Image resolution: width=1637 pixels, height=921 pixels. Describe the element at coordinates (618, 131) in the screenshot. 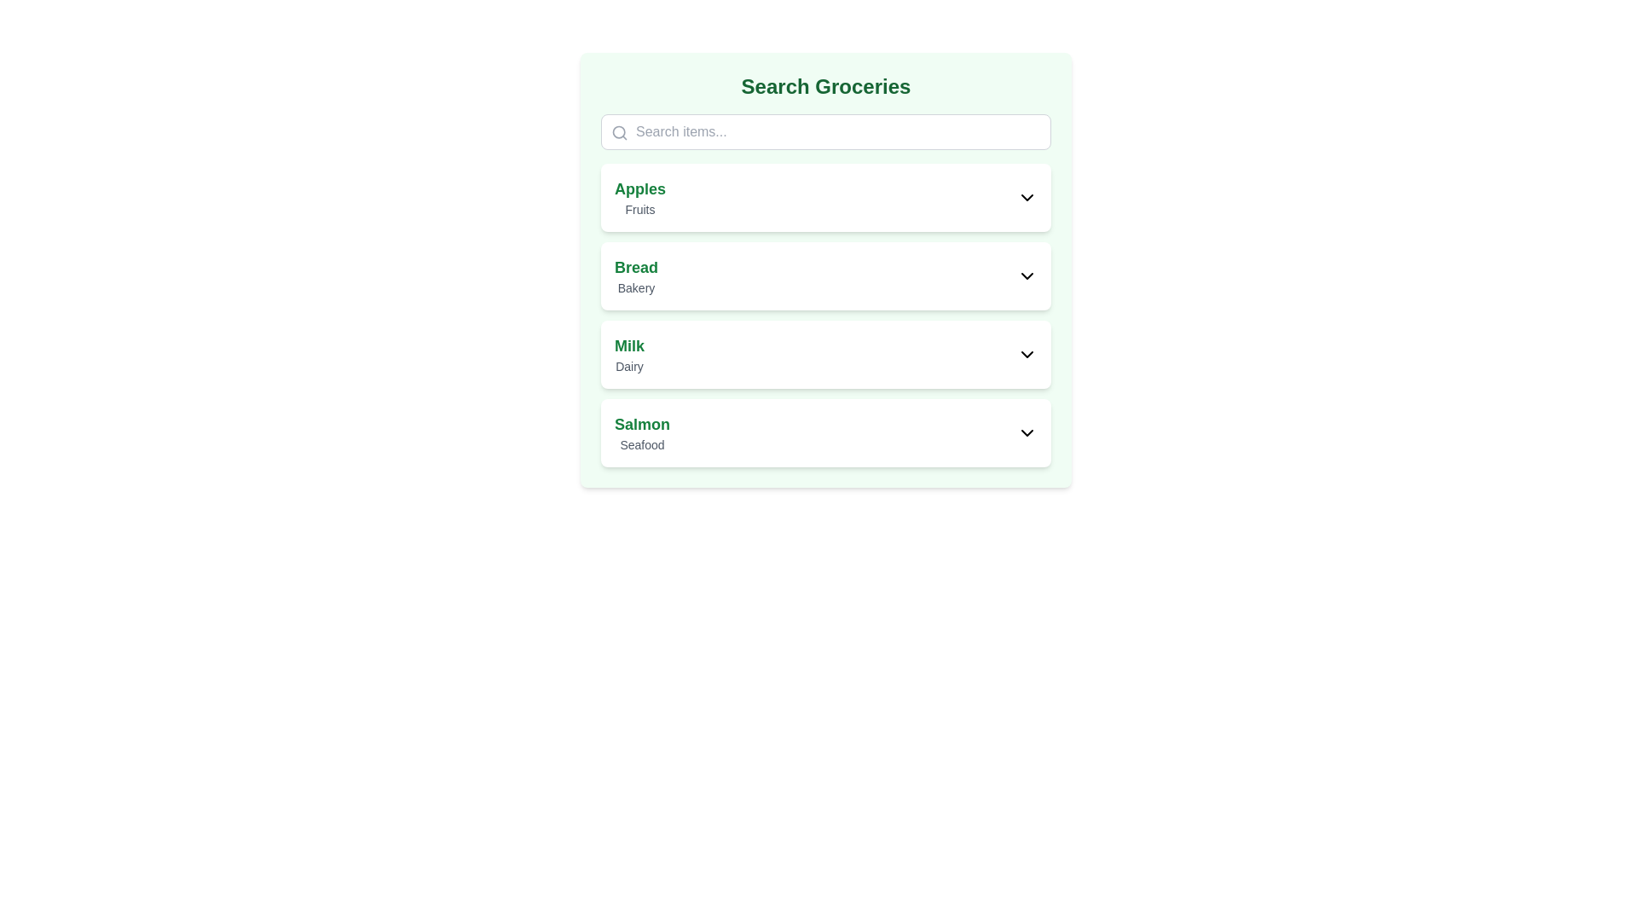

I see `the search icon located at the top left of the search bar, which serves as a visual cue for the search functionality` at that location.